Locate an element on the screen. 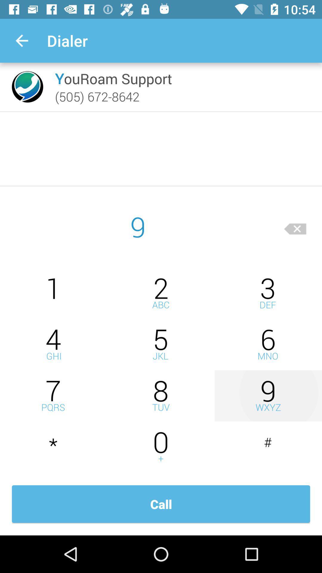 This screenshot has height=573, width=322. insert number 9 is located at coordinates (268, 396).